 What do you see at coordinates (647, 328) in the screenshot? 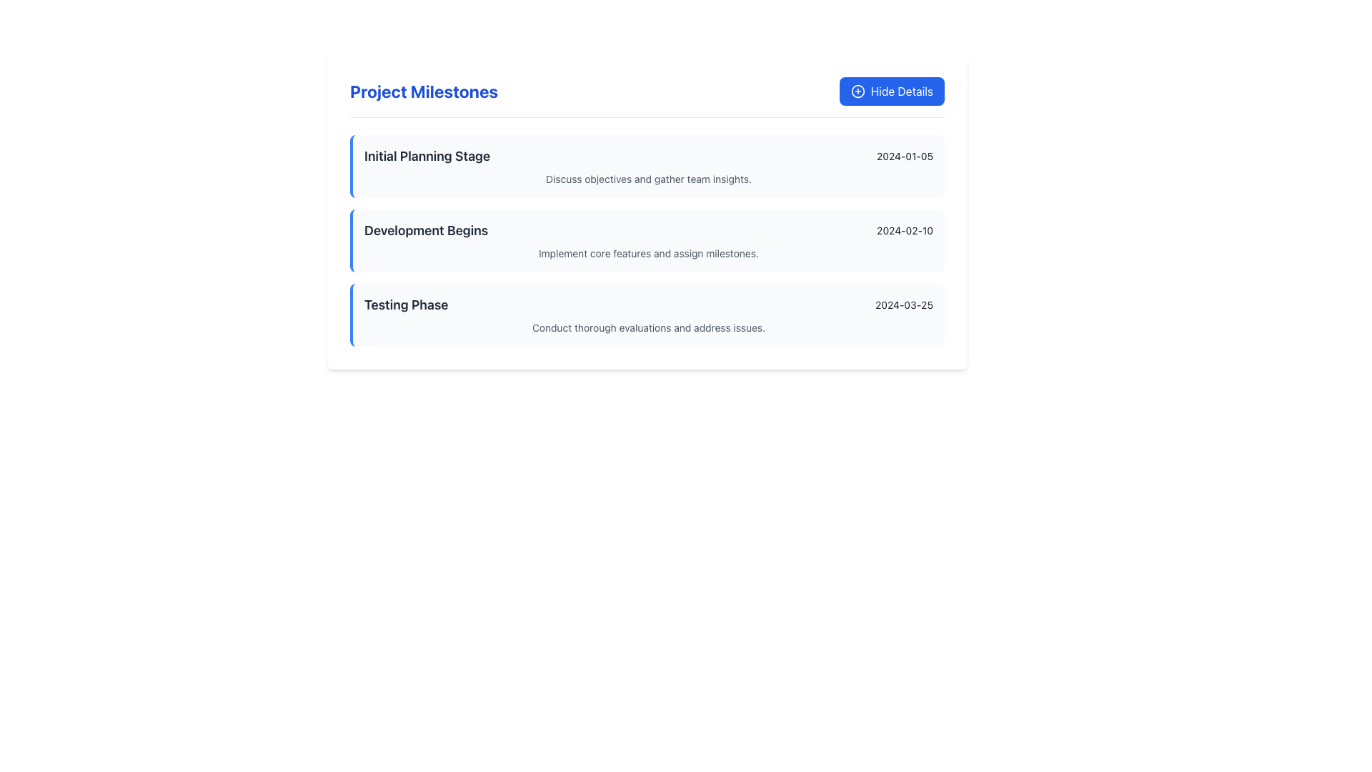
I see `informational text label located beneath the 'Testing Phase' heading and date '2024-03-25'` at bounding box center [647, 328].